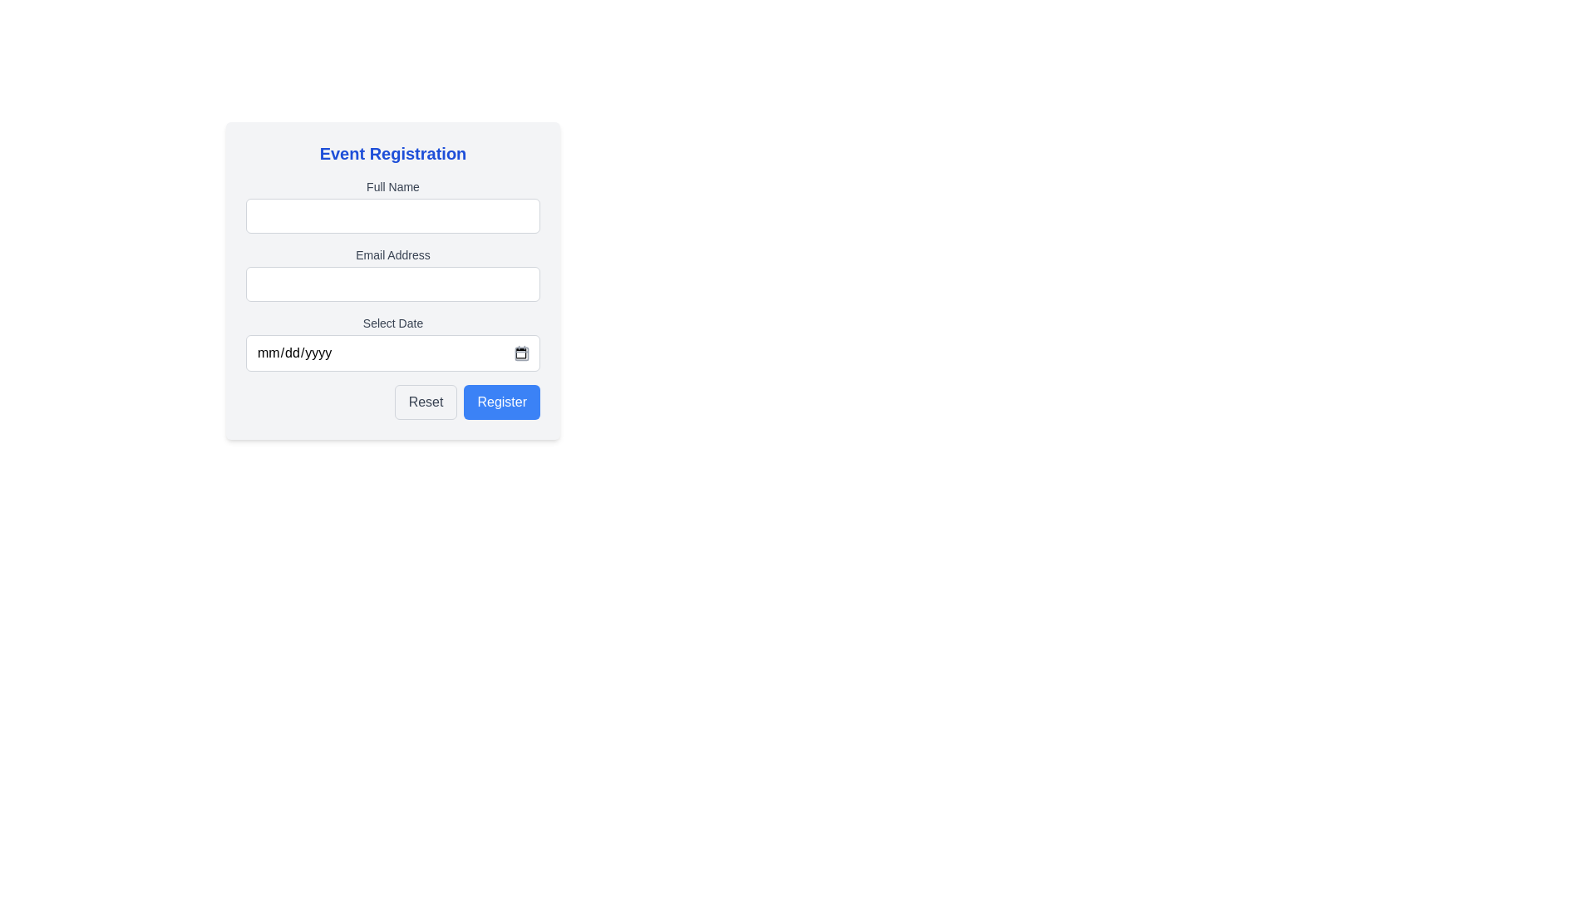 This screenshot has height=898, width=1596. I want to click on the label indicating the purpose of the date input field located above the date input field in the event registration form, so click(392, 323).